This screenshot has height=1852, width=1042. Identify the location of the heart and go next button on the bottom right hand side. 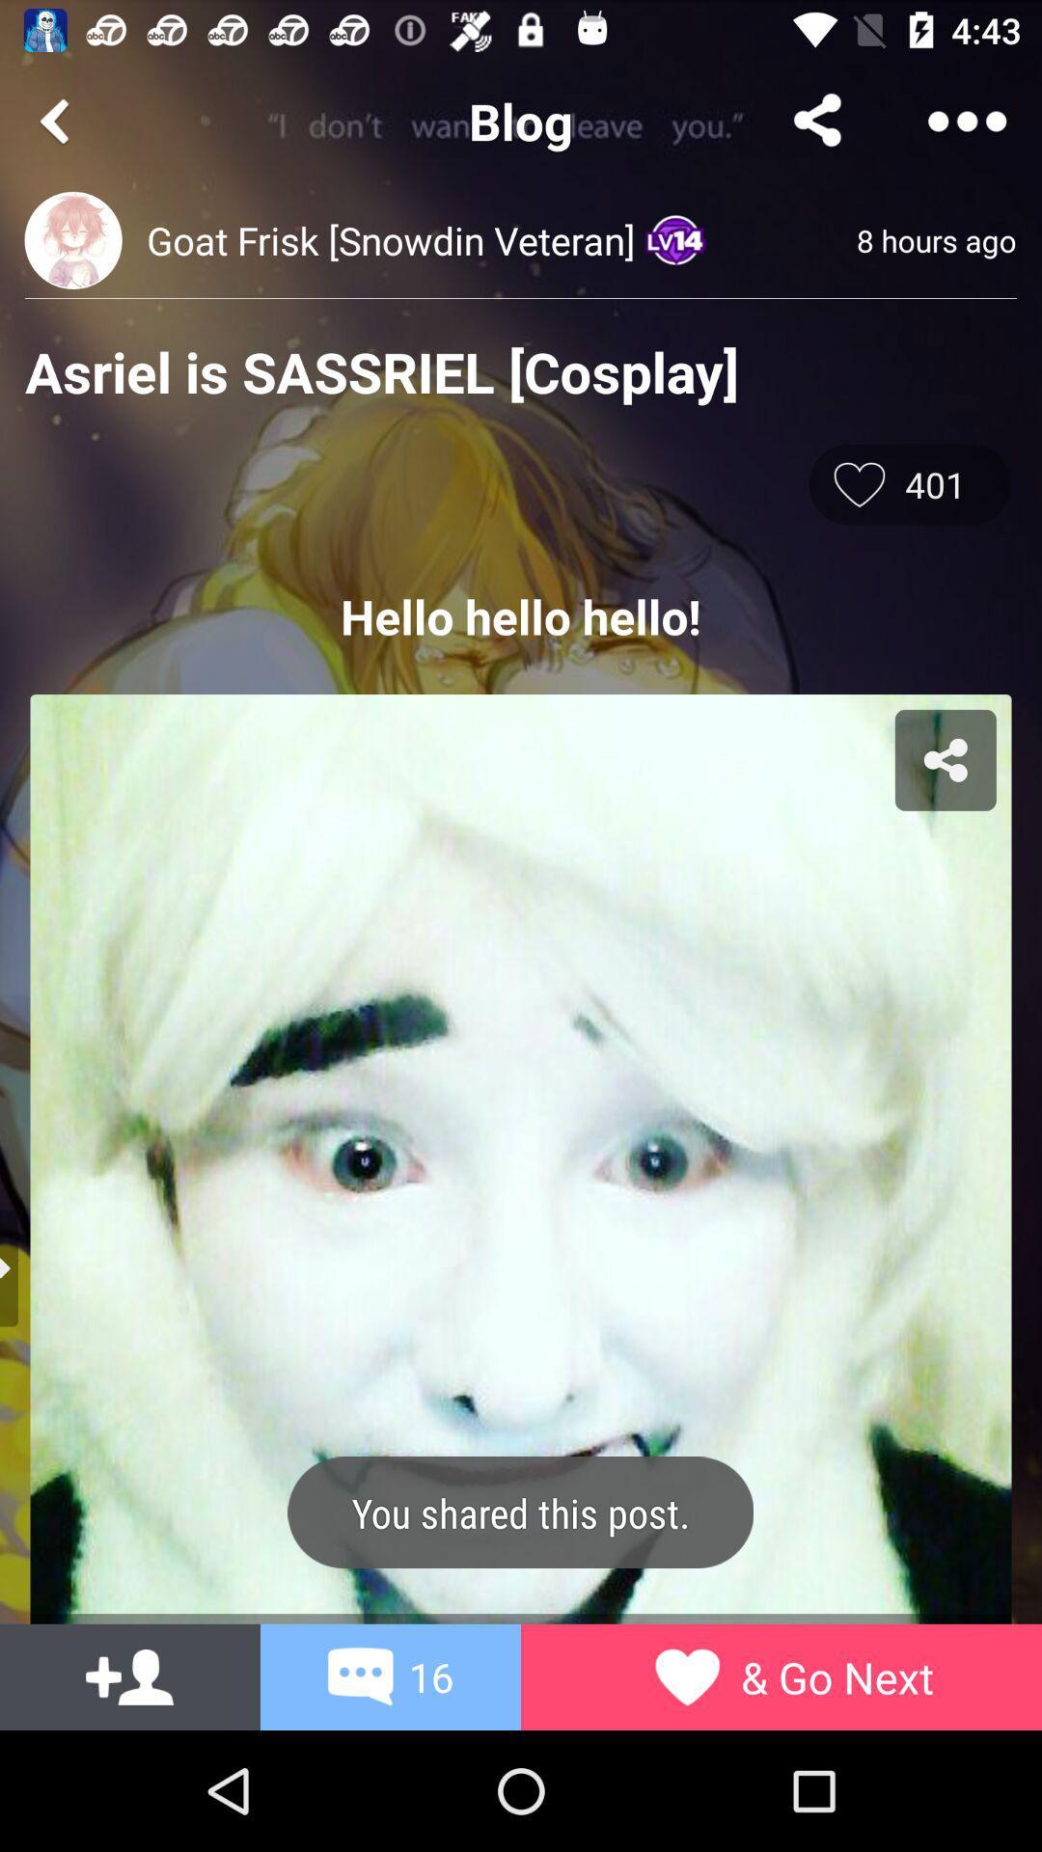
(686, 1675).